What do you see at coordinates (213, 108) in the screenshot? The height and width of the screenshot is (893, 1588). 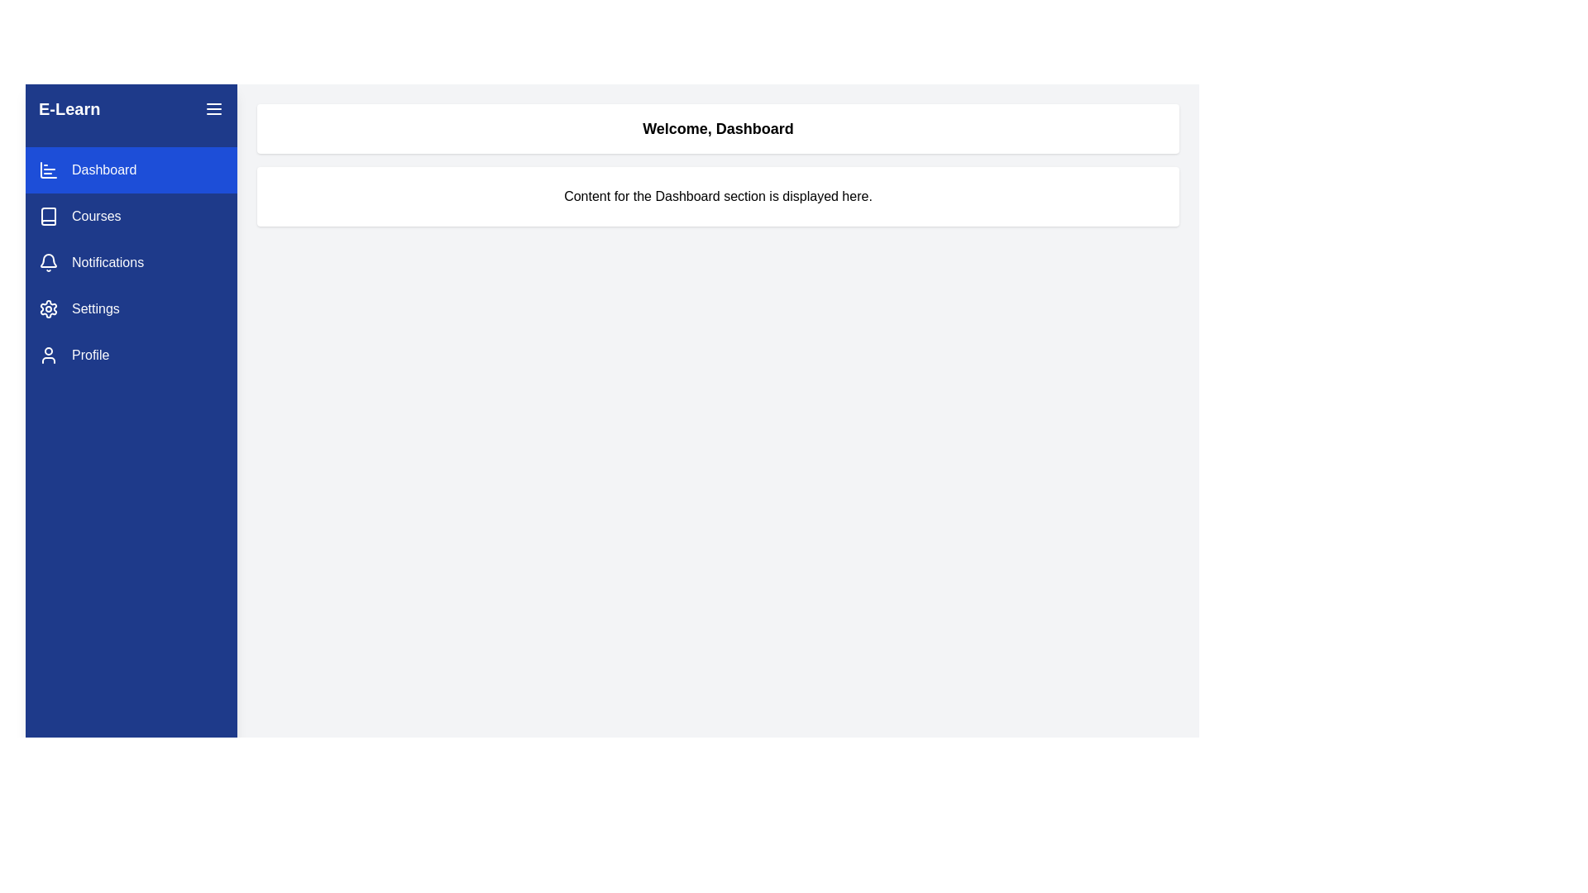 I see `the button located at the top-right corner of the navigation sidebar, adjacent to the text 'E-Learn,'` at bounding box center [213, 108].